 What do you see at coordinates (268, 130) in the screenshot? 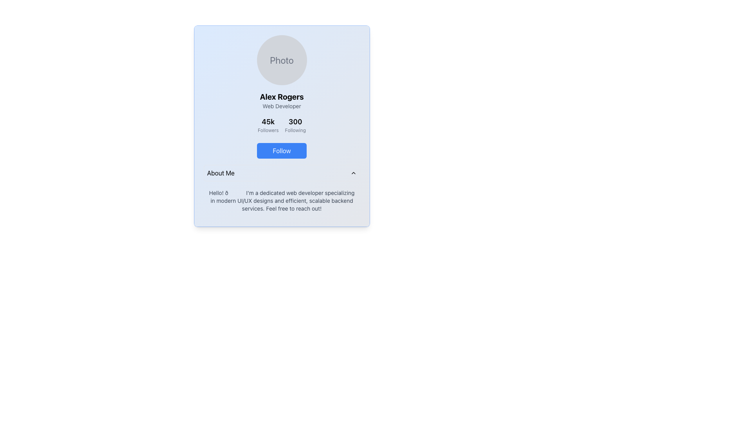
I see `the text label displaying 'Followers' which is in gray font below '45k' and to the left of '300'` at bounding box center [268, 130].